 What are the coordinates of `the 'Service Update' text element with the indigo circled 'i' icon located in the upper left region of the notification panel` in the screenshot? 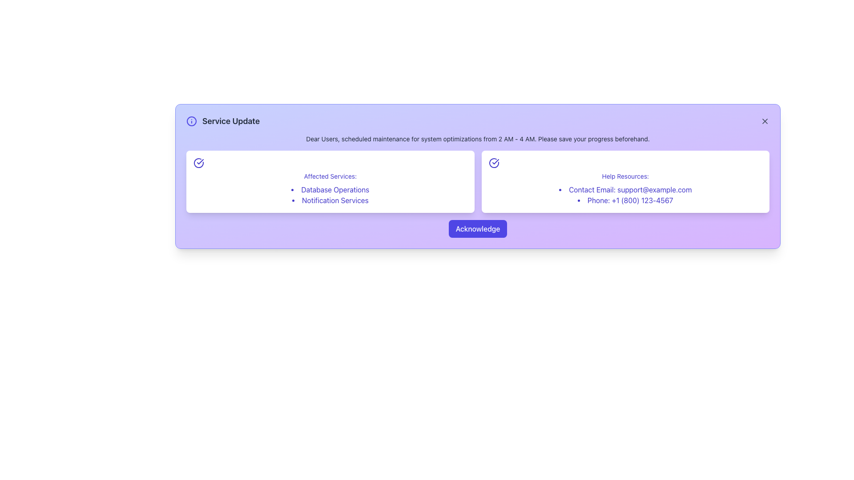 It's located at (223, 121).